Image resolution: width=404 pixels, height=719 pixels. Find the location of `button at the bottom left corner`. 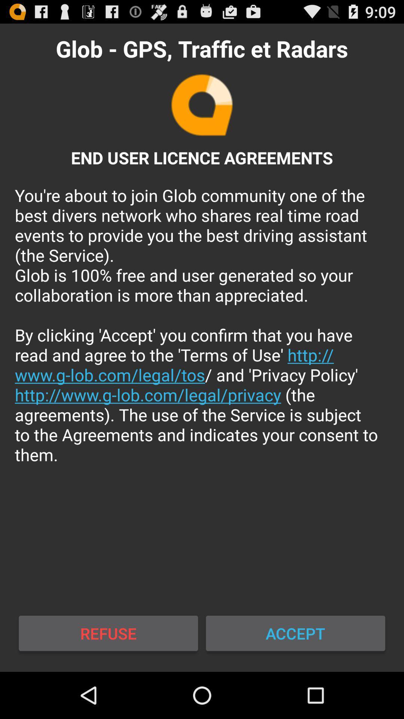

button at the bottom left corner is located at coordinates (108, 633).